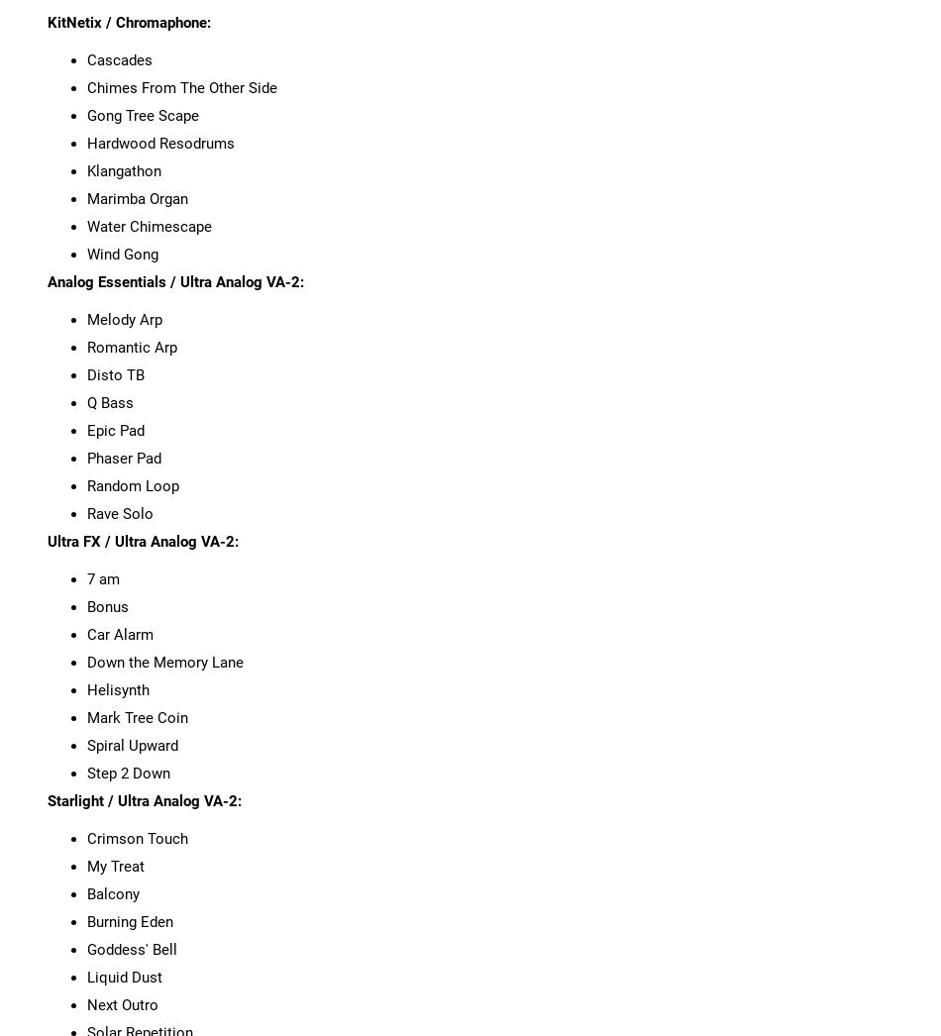 The image size is (941, 1036). Describe the element at coordinates (163, 660) in the screenshot. I see `'Down the Memory Lane'` at that location.